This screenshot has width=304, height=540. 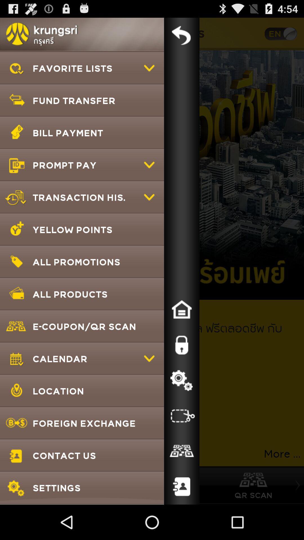 I want to click on the home icon, so click(x=182, y=331).